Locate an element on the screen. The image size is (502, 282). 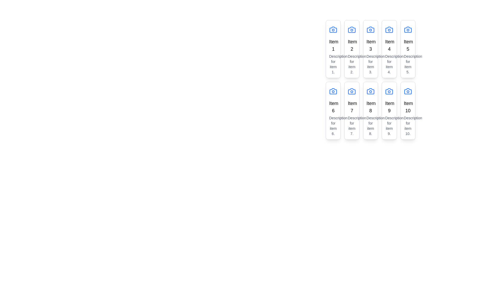
text label that states 'Description for item 6.' located below the title 'Item 6' in the card for 'Item 6' is located at coordinates (333, 126).